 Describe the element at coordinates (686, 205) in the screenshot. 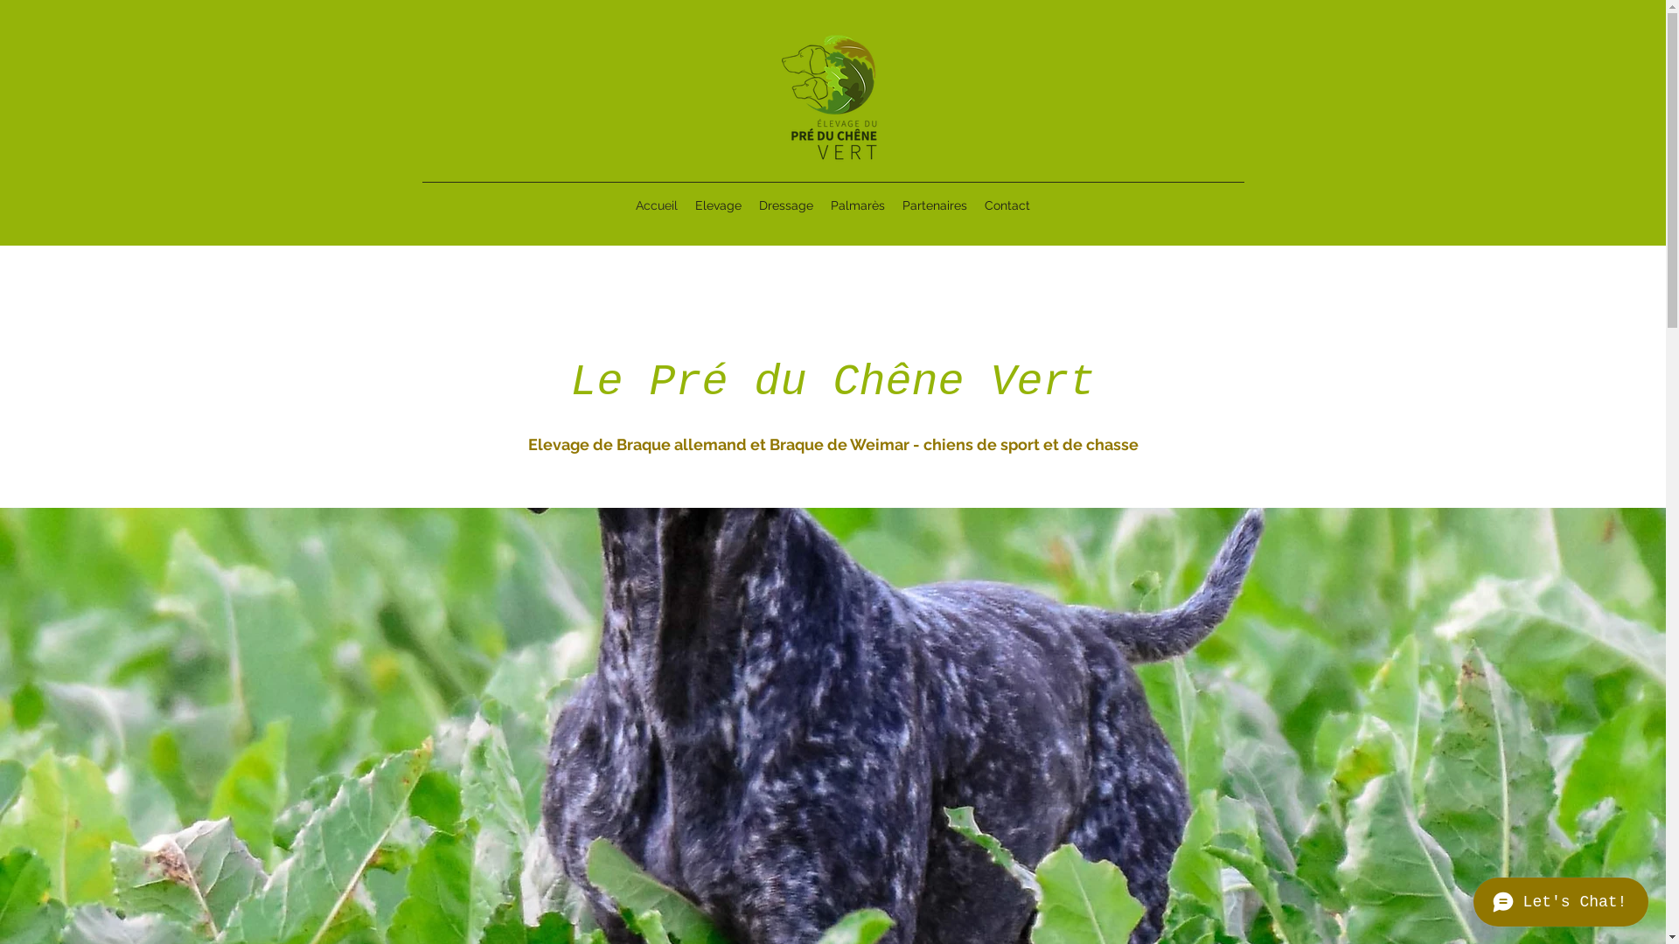

I see `'Elevage'` at that location.